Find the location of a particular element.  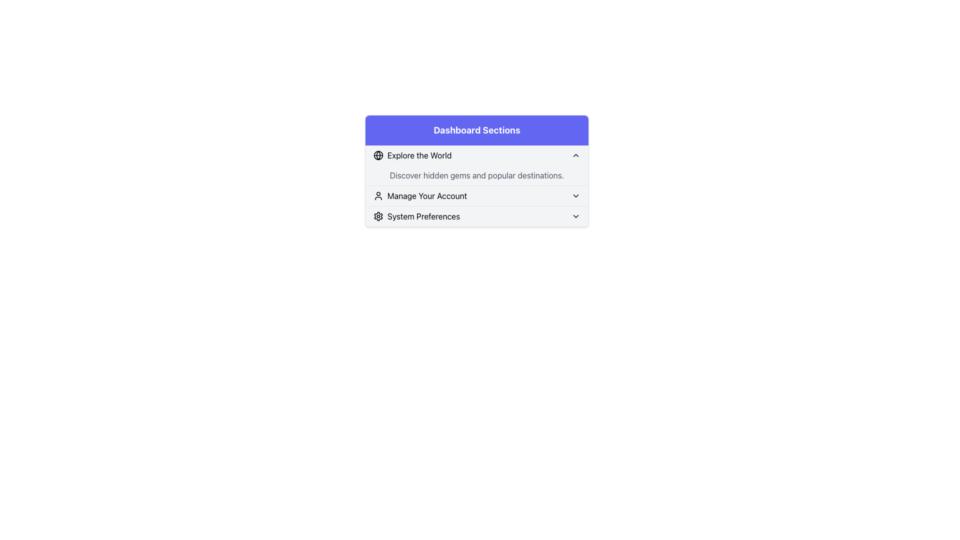

the third button in the vertical list under 'Dashboard Sections' is located at coordinates (416, 215).